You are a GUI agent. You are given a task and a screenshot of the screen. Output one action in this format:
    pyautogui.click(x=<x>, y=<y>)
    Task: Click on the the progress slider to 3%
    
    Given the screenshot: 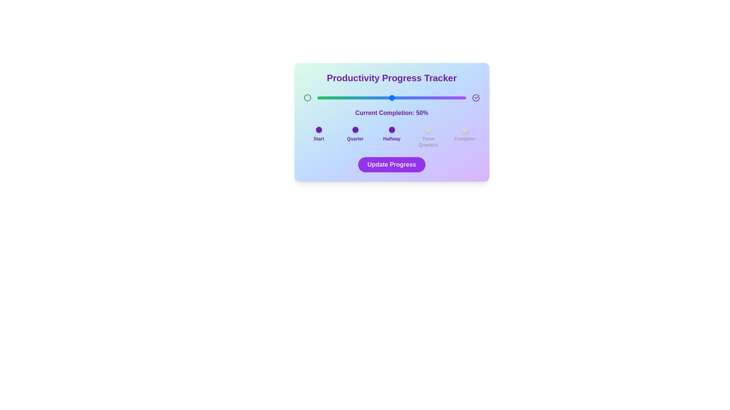 What is the action you would take?
    pyautogui.click(x=322, y=98)
    